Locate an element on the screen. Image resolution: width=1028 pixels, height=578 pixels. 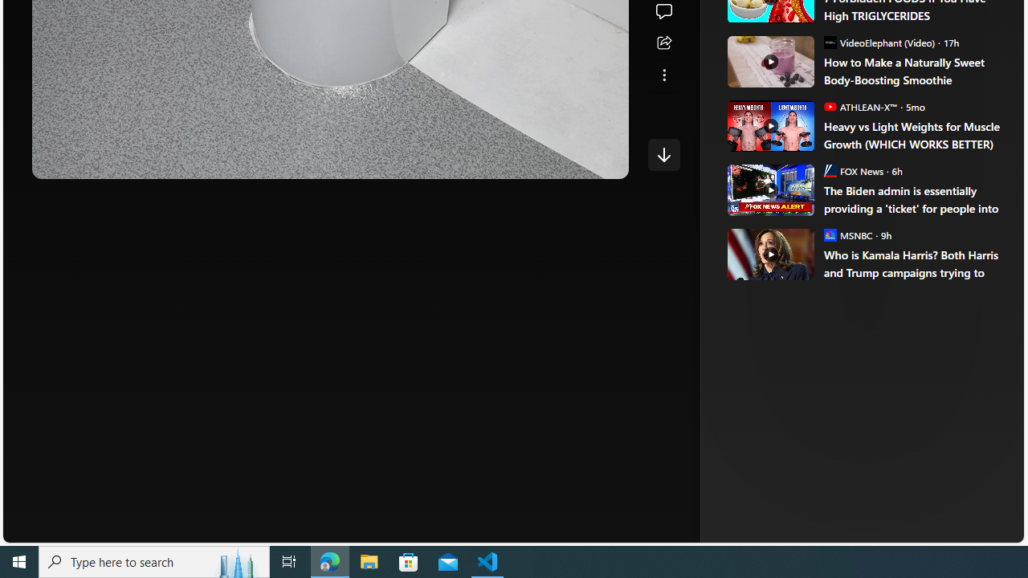
'Class: control' is located at coordinates (663, 154).